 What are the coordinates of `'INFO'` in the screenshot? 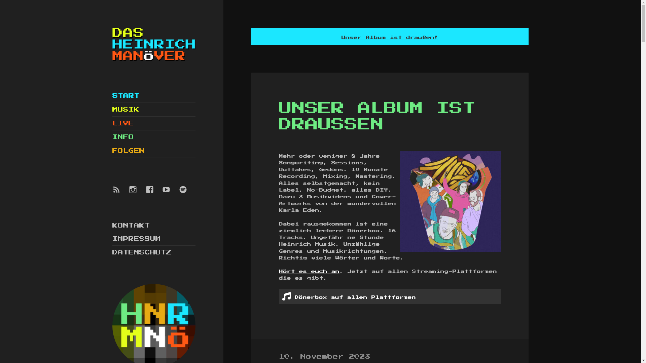 It's located at (153, 137).